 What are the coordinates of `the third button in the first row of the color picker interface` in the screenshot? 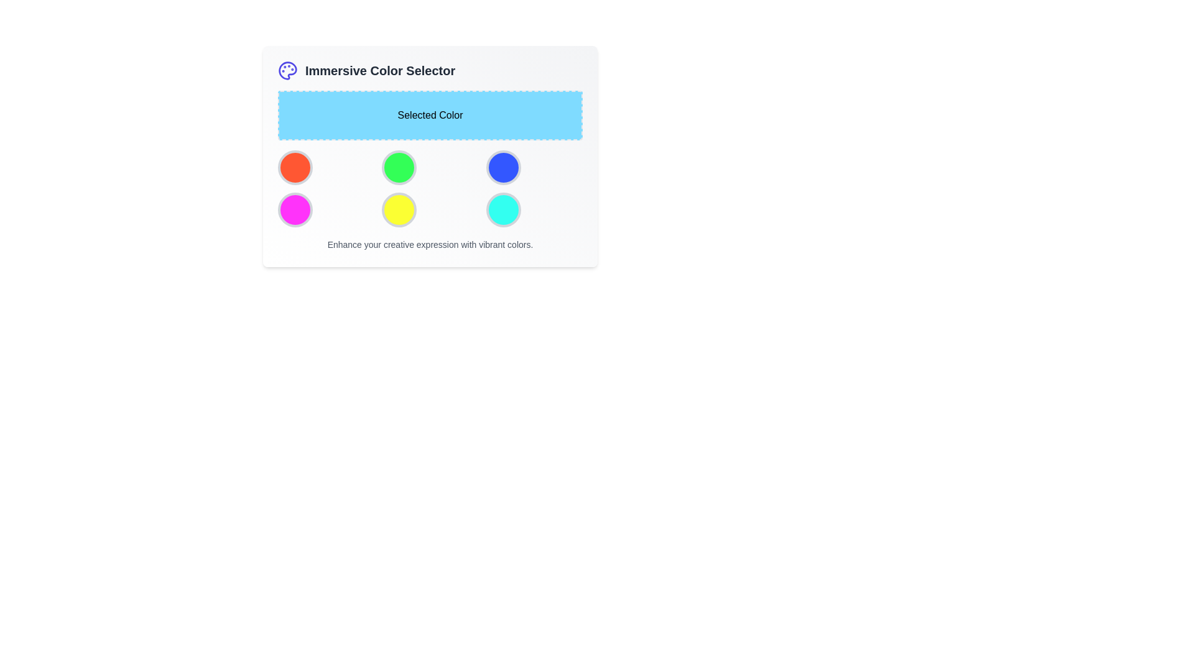 It's located at (503, 168).